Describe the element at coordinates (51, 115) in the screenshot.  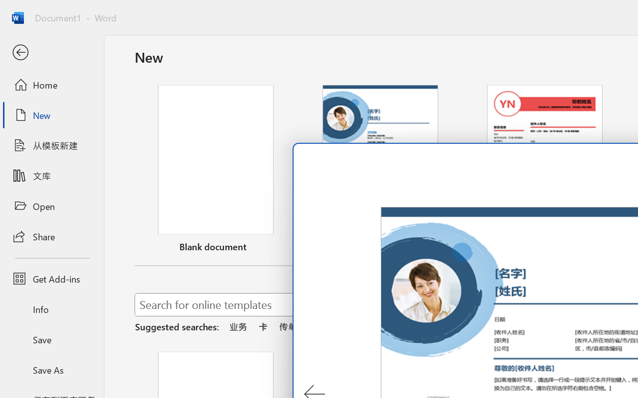
I see `'New'` at that location.